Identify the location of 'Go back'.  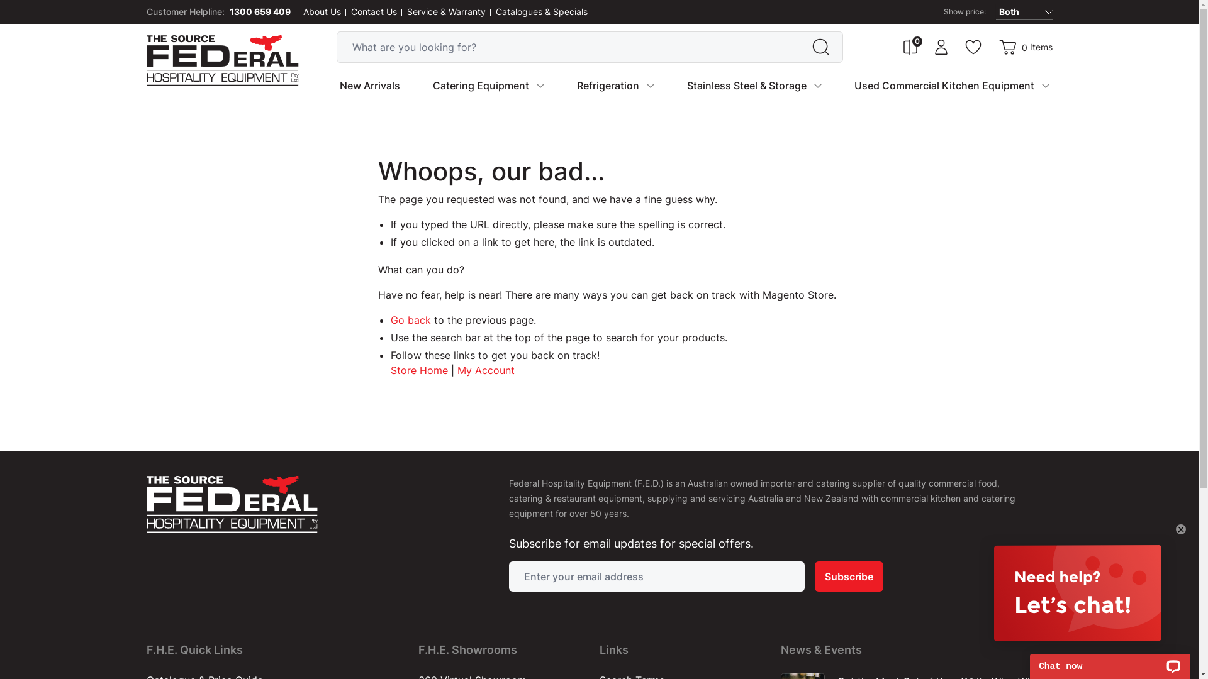
(410, 319).